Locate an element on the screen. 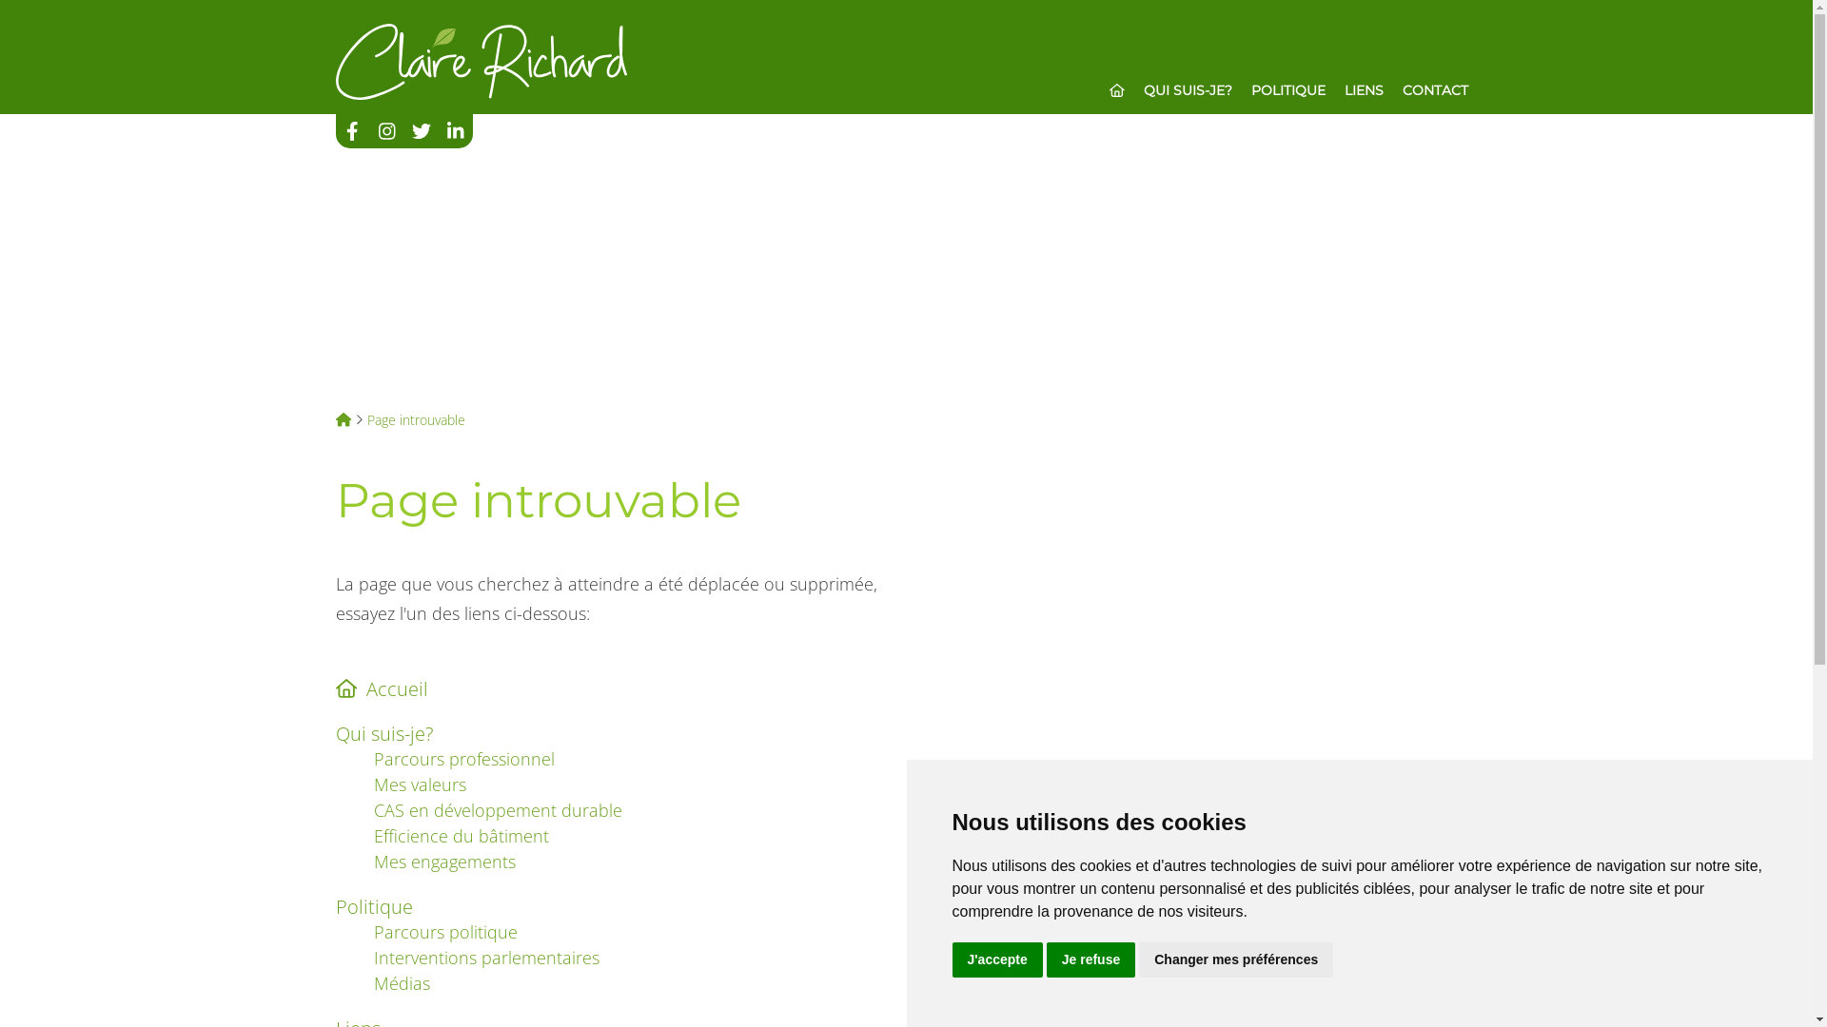  'POLITIQUE' is located at coordinates (1287, 90).